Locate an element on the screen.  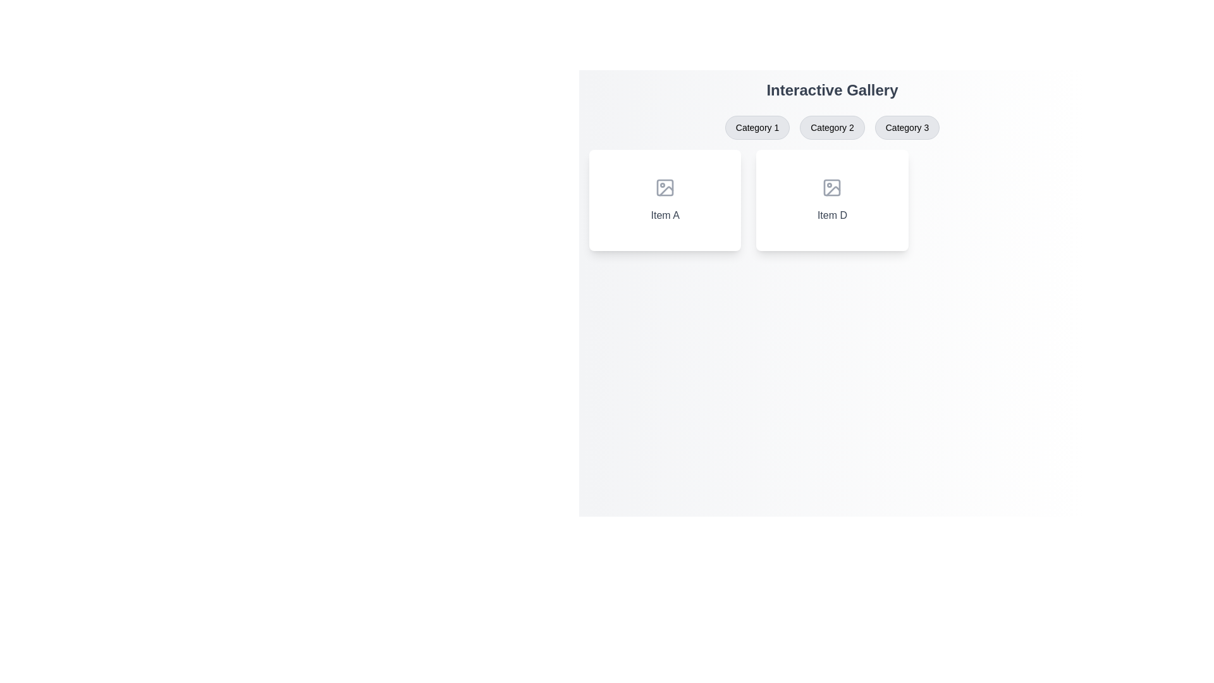
the decorative icon that signifies the 'Item D' section, located at the top center of the card labeled 'Item D' is located at coordinates (832, 188).